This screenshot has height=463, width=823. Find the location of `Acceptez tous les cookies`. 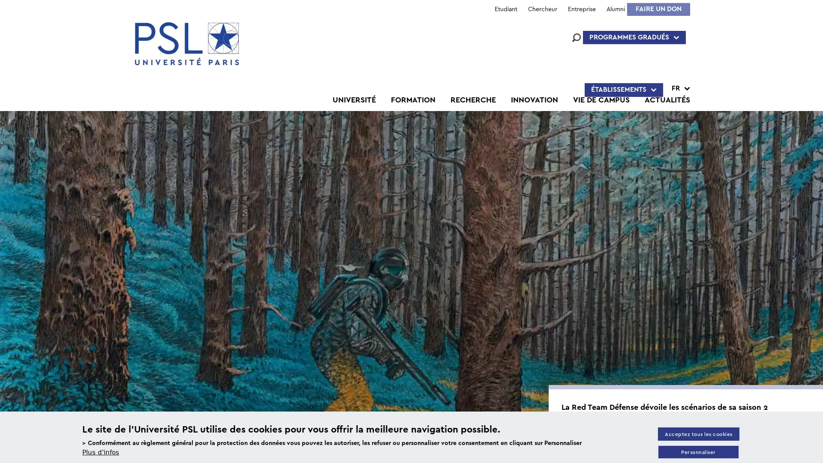

Acceptez tous les cookies is located at coordinates (697, 433).